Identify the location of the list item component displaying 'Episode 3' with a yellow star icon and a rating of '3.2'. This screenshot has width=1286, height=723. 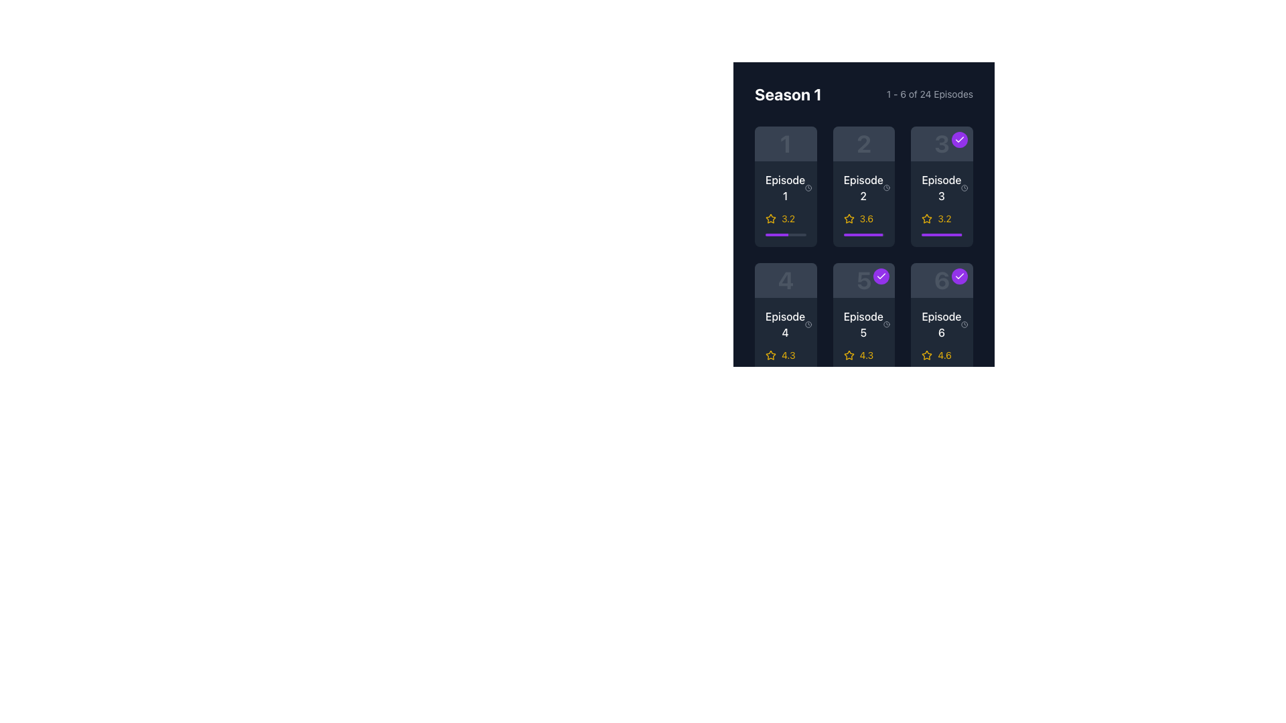
(941, 204).